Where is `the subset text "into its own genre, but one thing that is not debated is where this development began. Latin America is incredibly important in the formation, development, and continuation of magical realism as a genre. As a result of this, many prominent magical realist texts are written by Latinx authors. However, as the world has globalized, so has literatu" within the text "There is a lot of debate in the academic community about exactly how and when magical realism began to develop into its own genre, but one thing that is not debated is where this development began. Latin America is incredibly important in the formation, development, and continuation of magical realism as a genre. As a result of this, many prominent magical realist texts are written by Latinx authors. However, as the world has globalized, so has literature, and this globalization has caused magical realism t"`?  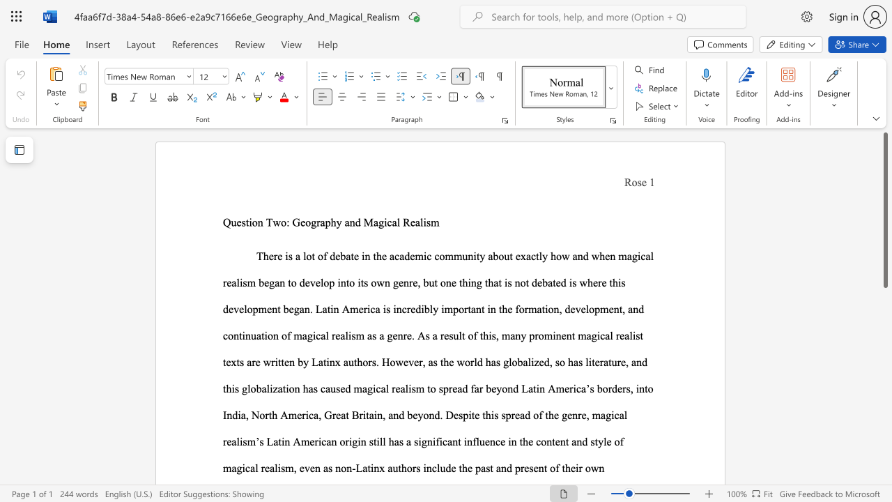
the subset text "into its own genre, but one thing that is not debated is where this development began. Latin America is incredibly important in the formation, development, and continuation of magical realism as a genre. As a result of this, many prominent magical realist texts are written by Latinx authors. However, as the world has globalized, so has literatu" within the text "There is a lot of debate in the academic community about exactly how and when magical realism began to develop into its own genre, but one thing that is not debated is where this development began. Latin America is incredibly important in the formation, development, and continuation of magical realism as a genre. As a result of this, many prominent magical realist texts are written by Latinx authors. However, as the world has globalized, so has literature, and this globalization has caused magical realism t" is located at coordinates (337, 282).